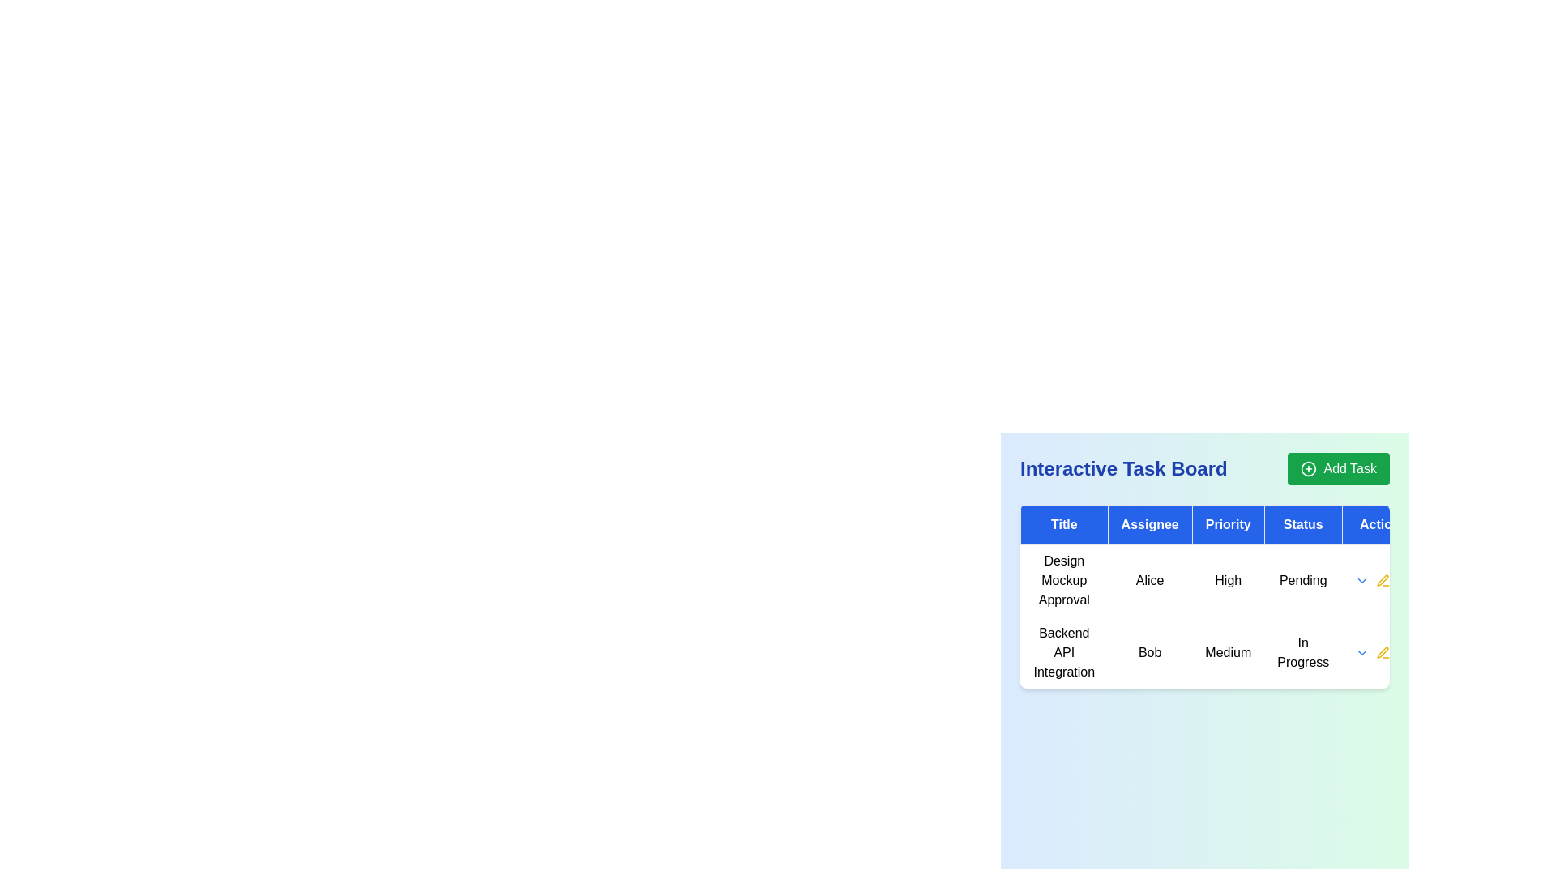  I want to click on the dropdown menu indicator icon button located in the second row of the table under the 'Action' column, so click(1361, 652).